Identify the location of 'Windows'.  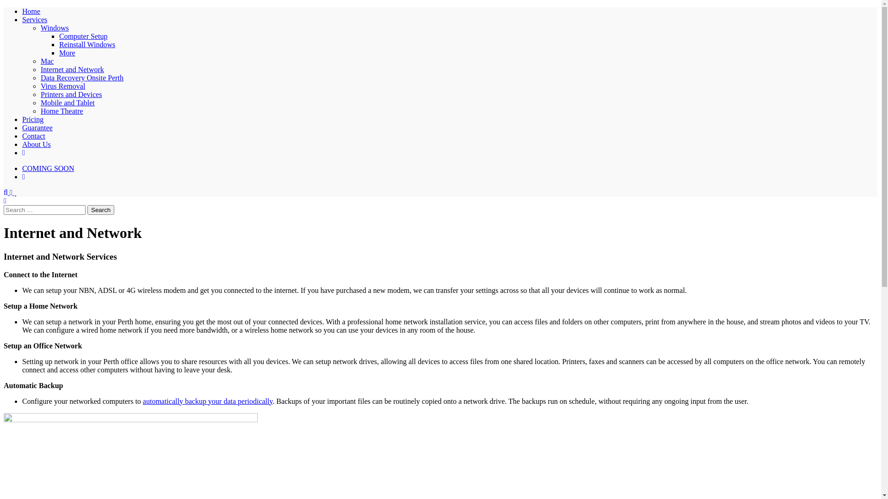
(54, 27).